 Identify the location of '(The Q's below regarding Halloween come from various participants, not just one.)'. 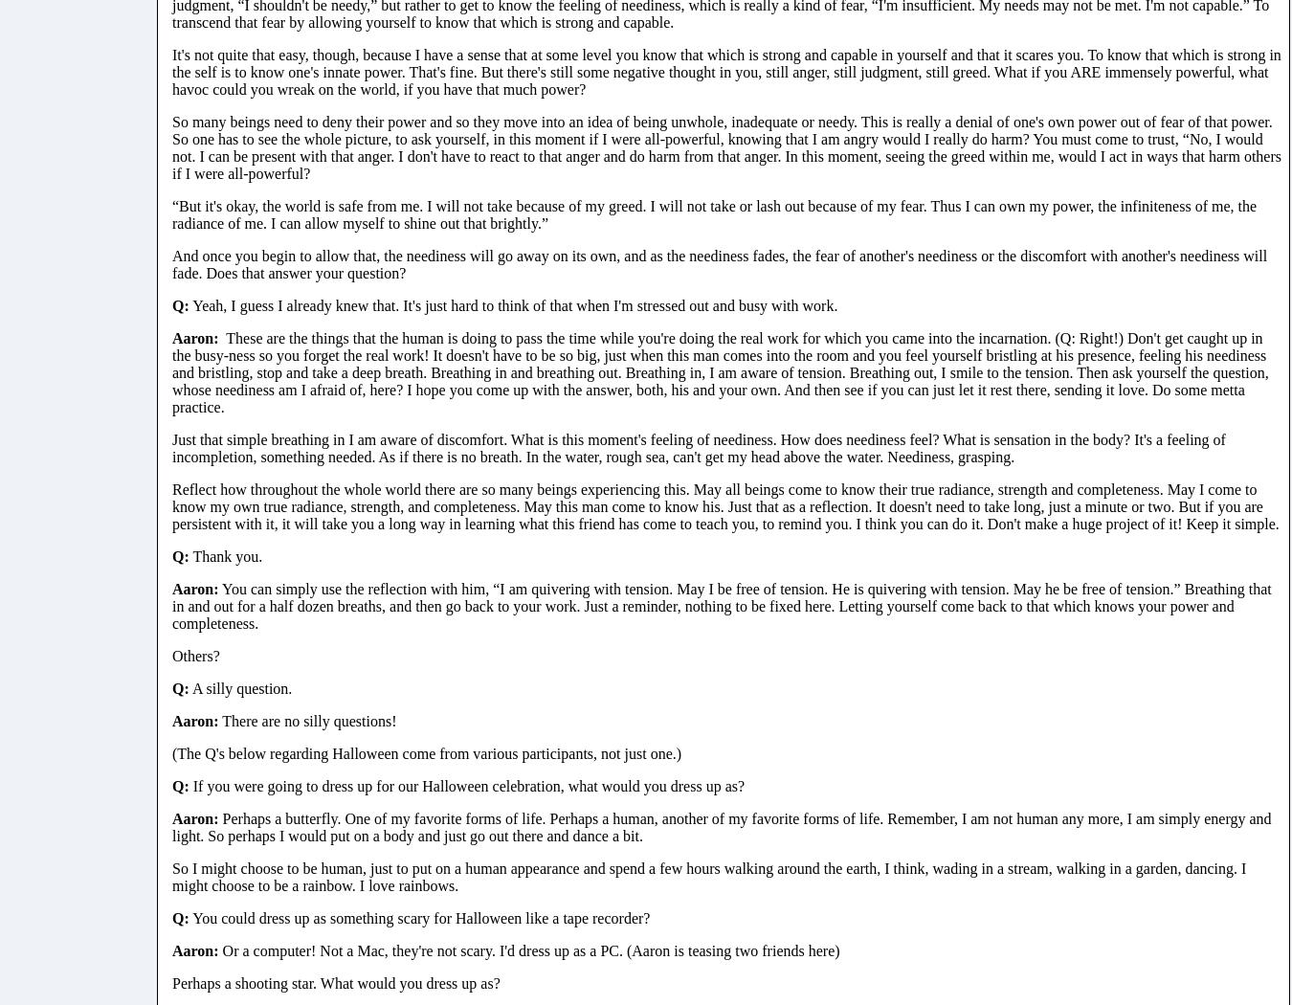
(427, 752).